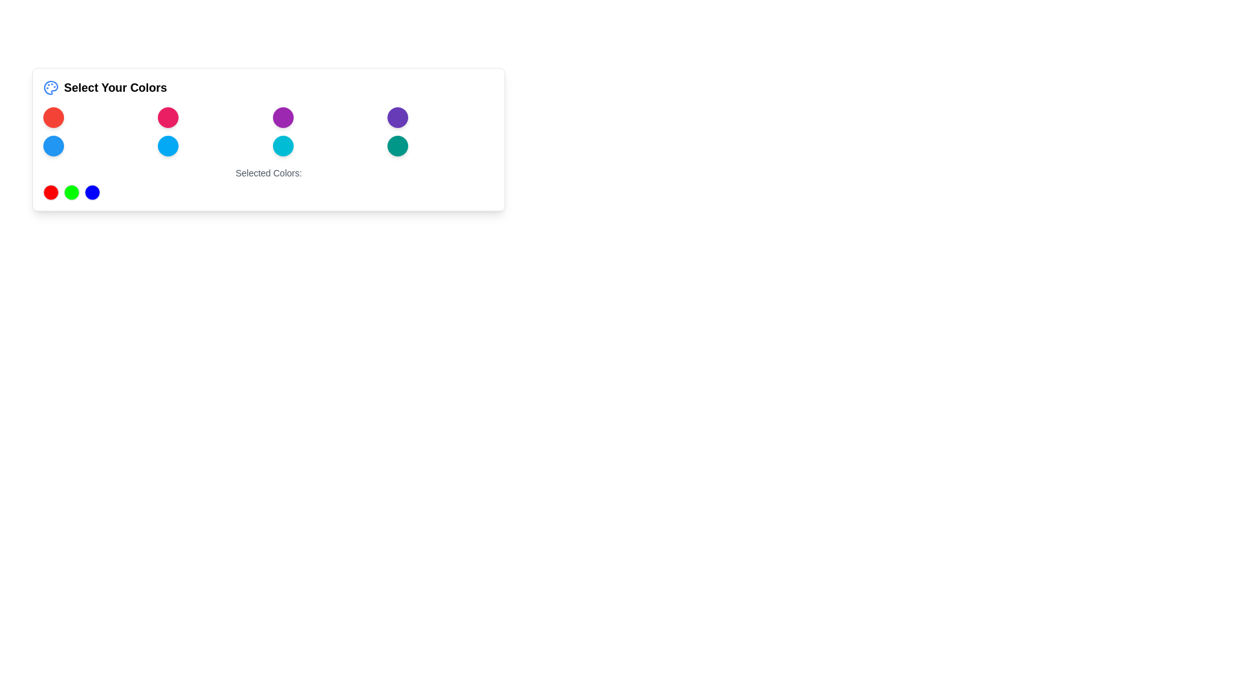 This screenshot has height=698, width=1242. I want to click on the second color circle in the second row of the color selector grid, so click(168, 145).